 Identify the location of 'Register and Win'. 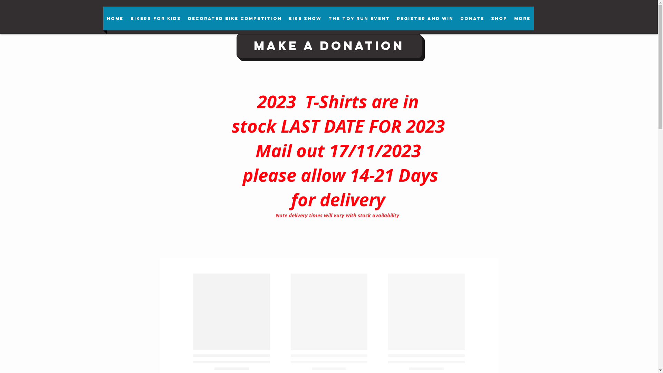
(424, 18).